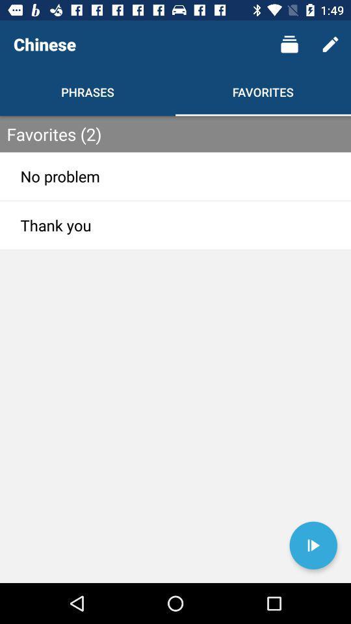  What do you see at coordinates (289, 44) in the screenshot?
I see `the item above the favorites item` at bounding box center [289, 44].